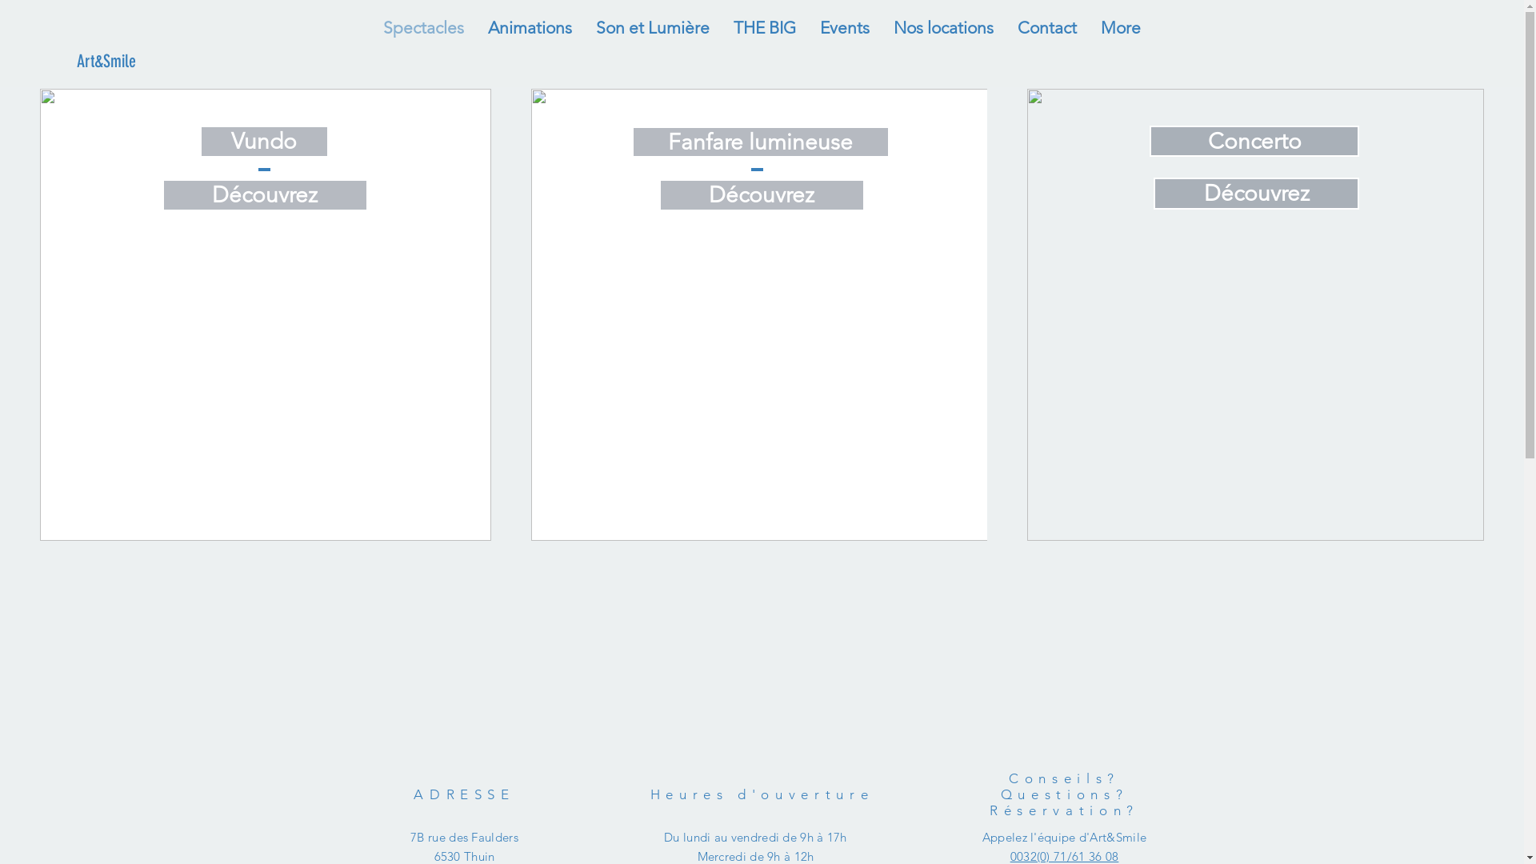 This screenshot has width=1536, height=864. What do you see at coordinates (844, 27) in the screenshot?
I see `'Events'` at bounding box center [844, 27].